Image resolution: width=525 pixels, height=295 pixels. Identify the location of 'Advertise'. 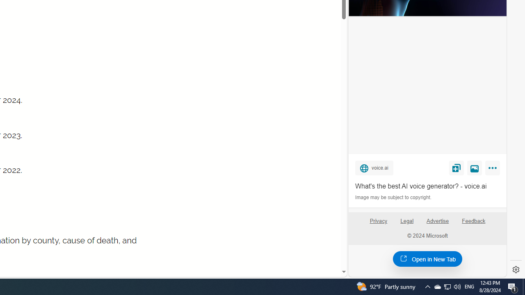
(437, 224).